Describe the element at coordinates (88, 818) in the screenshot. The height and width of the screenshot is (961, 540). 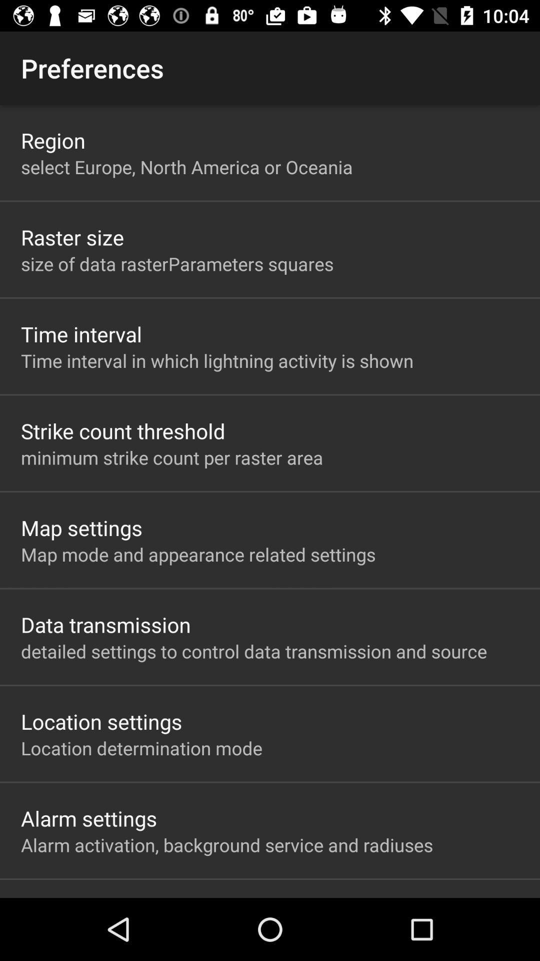
I see `the alarm settings` at that location.